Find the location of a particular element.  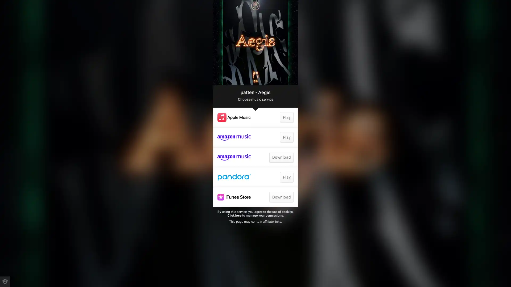

Download is located at coordinates (281, 197).